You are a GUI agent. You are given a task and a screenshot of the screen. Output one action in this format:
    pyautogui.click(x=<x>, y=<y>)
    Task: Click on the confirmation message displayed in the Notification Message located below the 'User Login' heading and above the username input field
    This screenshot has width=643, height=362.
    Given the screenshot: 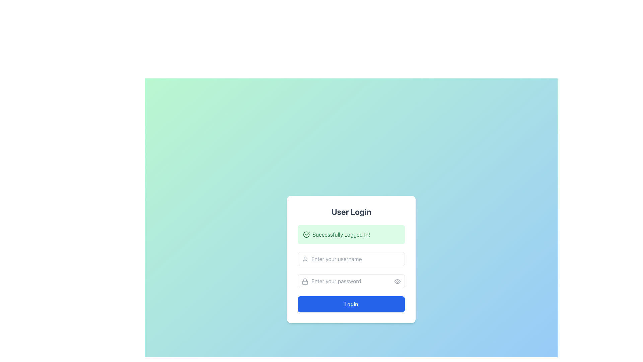 What is the action you would take?
    pyautogui.click(x=351, y=234)
    